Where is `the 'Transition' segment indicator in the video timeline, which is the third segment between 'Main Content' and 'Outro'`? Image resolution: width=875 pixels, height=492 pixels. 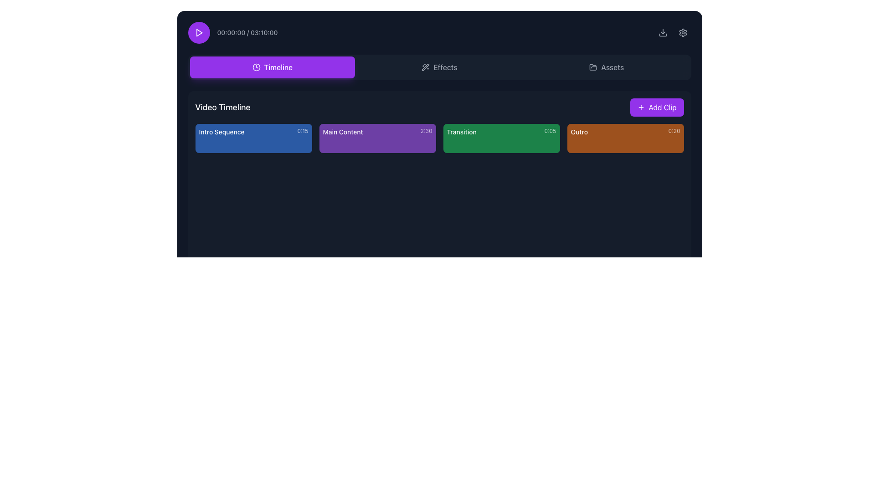 the 'Transition' segment indicator in the video timeline, which is the third segment between 'Main Content' and 'Outro' is located at coordinates (439, 138).